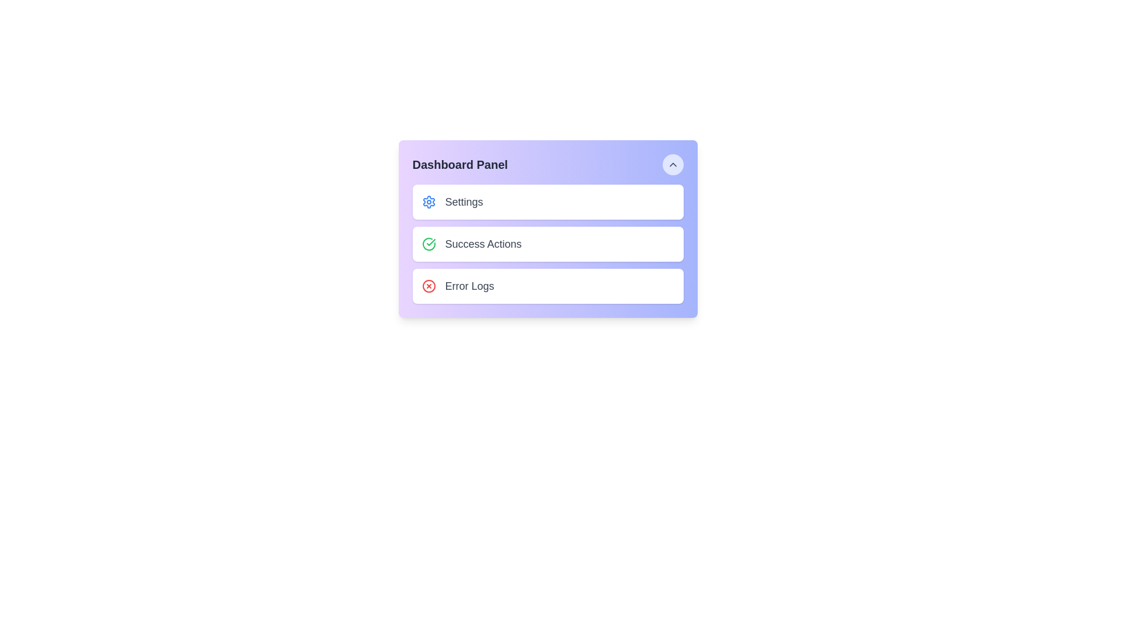  Describe the element at coordinates (428, 202) in the screenshot. I see `the settings icon located on the left side of the 'Settings' menu item` at that location.